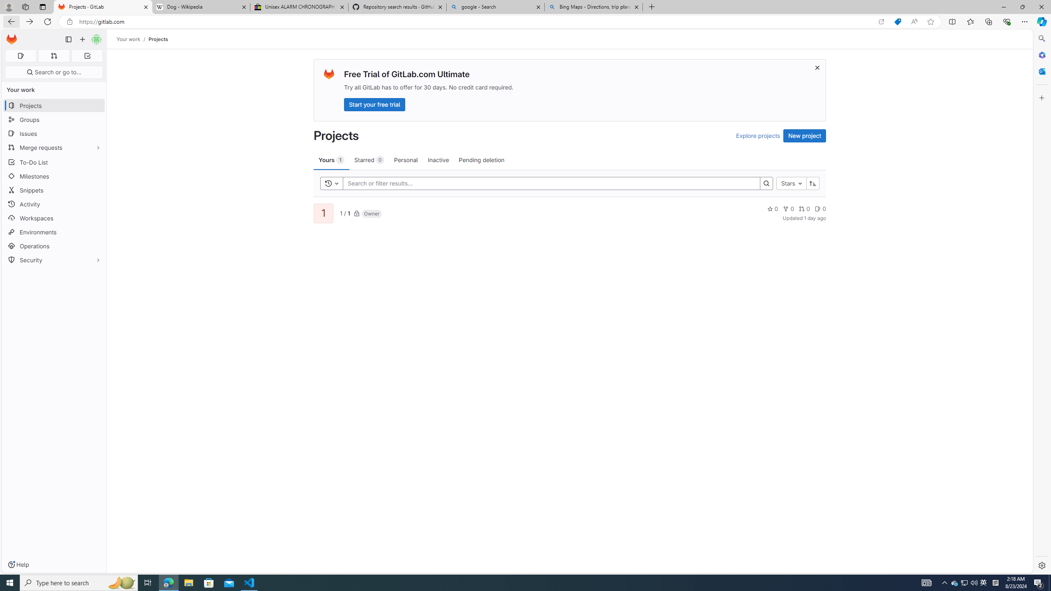 The image size is (1051, 591). I want to click on 'Security', so click(53, 259).